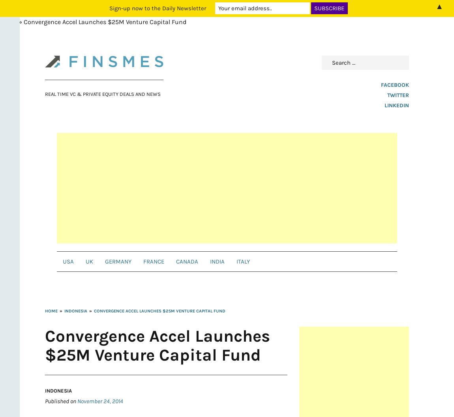 The image size is (454, 417). I want to click on 'Canada', so click(176, 261).